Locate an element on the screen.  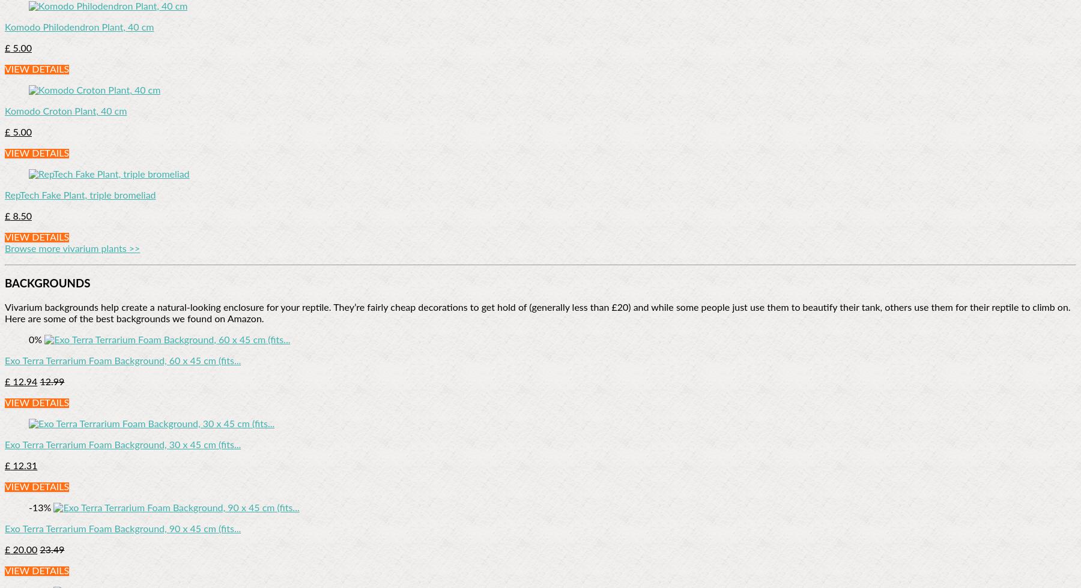
'23.49' is located at coordinates (51, 550).